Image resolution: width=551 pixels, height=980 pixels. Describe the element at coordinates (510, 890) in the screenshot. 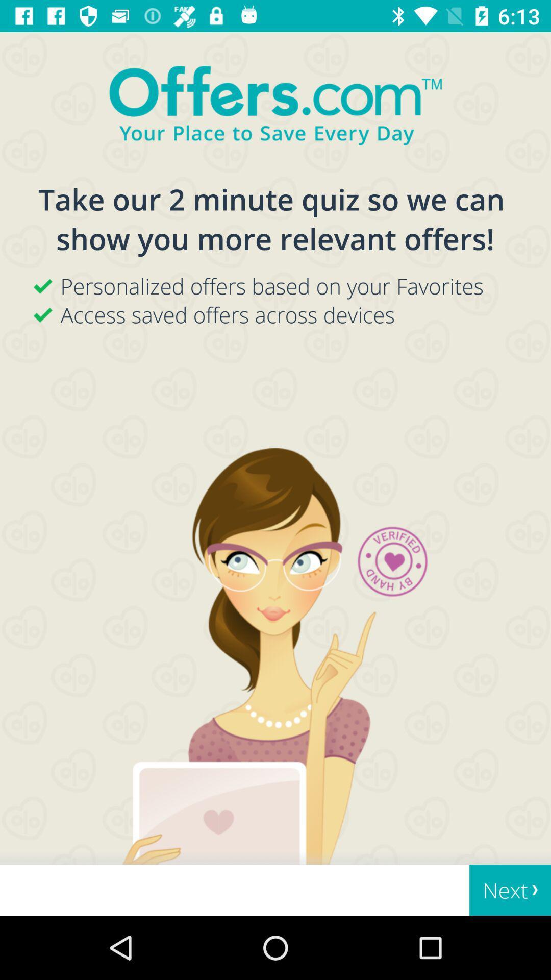

I see `next item` at that location.